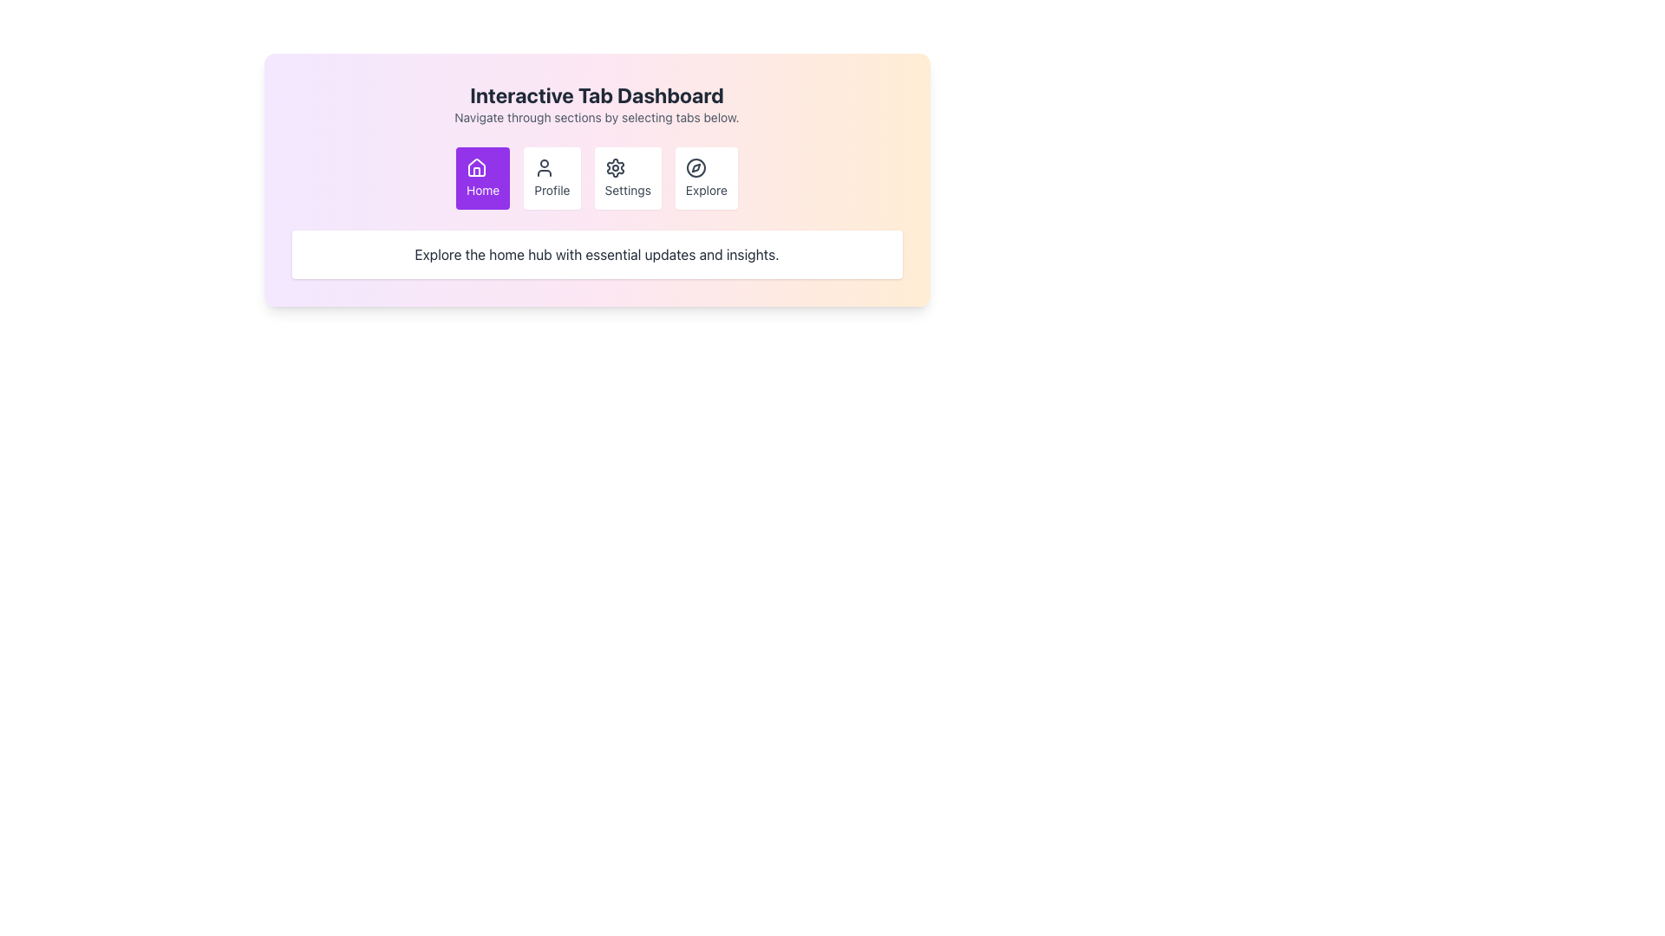 The height and width of the screenshot is (936, 1665). Describe the element at coordinates (615, 167) in the screenshot. I see `the gear-shaped icon within the 'Settings' button, which is the third button in a horizontal row of four buttons` at that location.